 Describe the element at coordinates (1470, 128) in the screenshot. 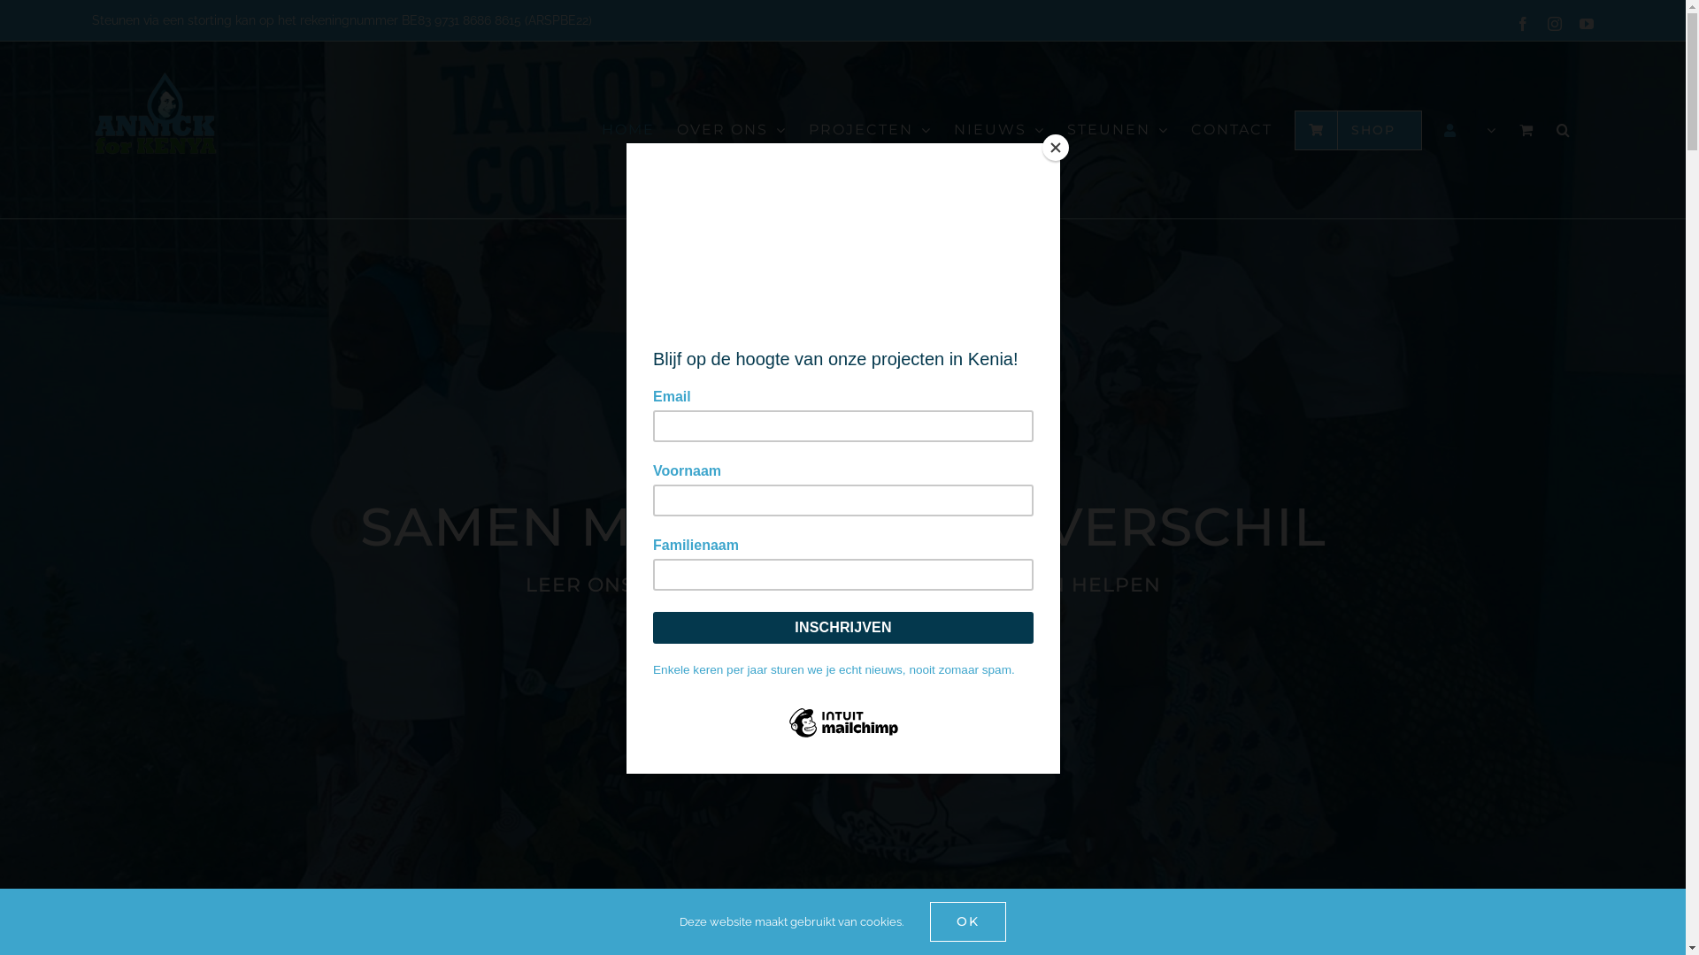

I see `'Mijn account'` at that location.